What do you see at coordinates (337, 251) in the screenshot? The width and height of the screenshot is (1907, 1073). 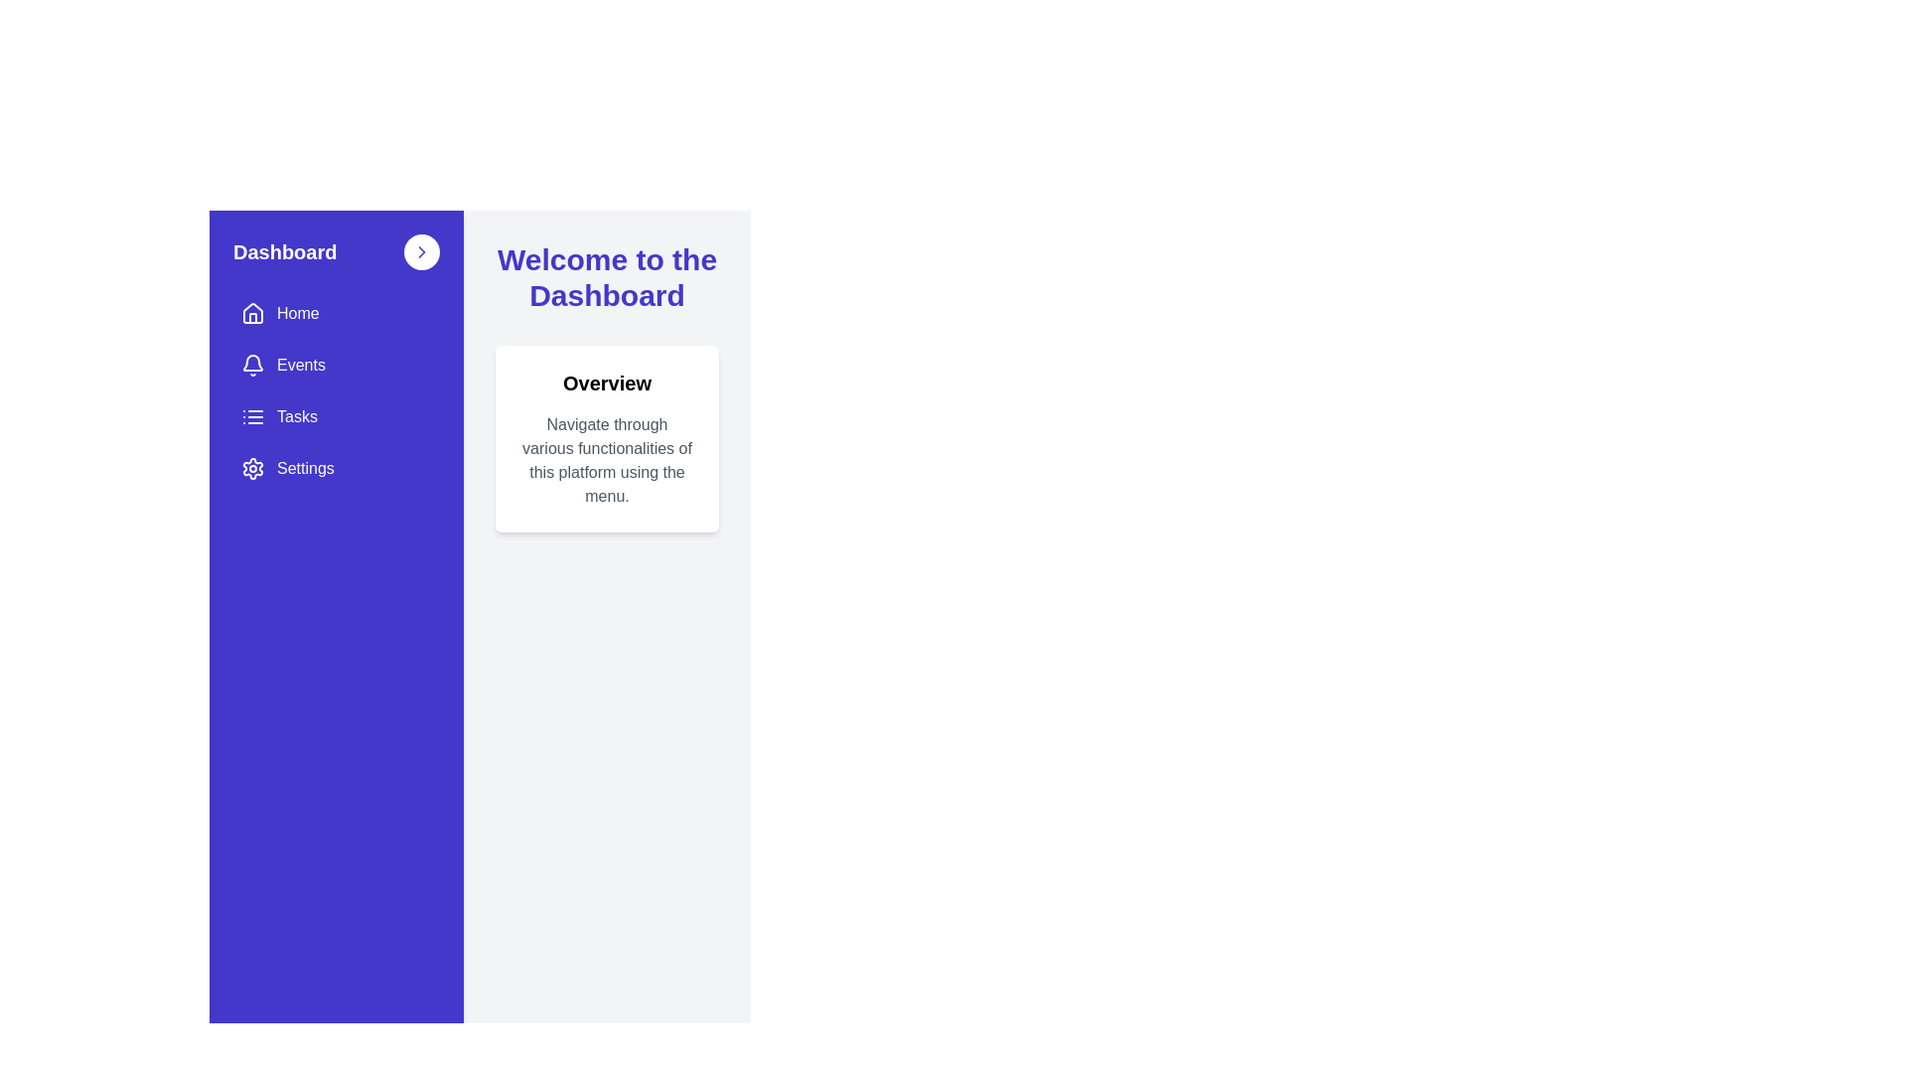 I see `the navigation link located at the top of the vertical navigation bar on the left side of the interface` at bounding box center [337, 251].